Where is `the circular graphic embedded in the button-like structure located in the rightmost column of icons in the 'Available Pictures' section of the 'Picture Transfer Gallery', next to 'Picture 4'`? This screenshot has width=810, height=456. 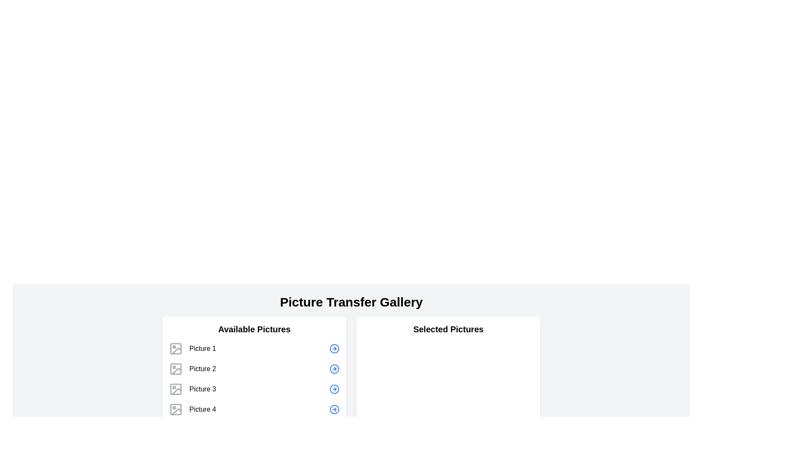
the circular graphic embedded in the button-like structure located in the rightmost column of icons in the 'Available Pictures' section of the 'Picture Transfer Gallery', next to 'Picture 4' is located at coordinates (334, 409).